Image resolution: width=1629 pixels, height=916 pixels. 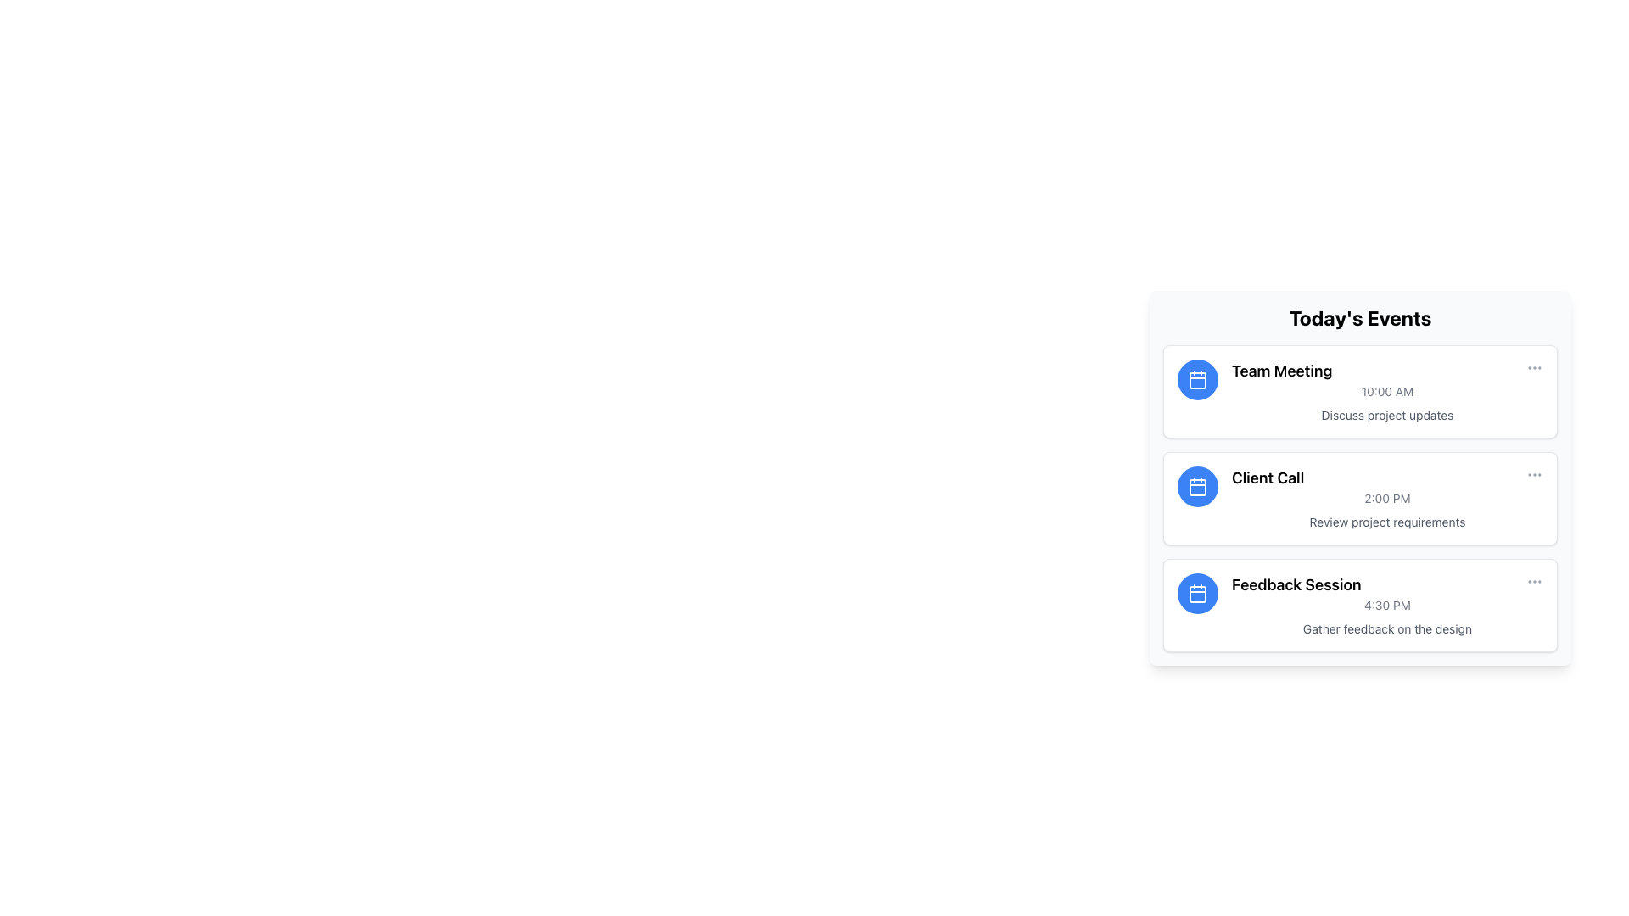 I want to click on the second Event card titled 'Client Call' located in the 'Today's Events' section, so click(x=1360, y=497).